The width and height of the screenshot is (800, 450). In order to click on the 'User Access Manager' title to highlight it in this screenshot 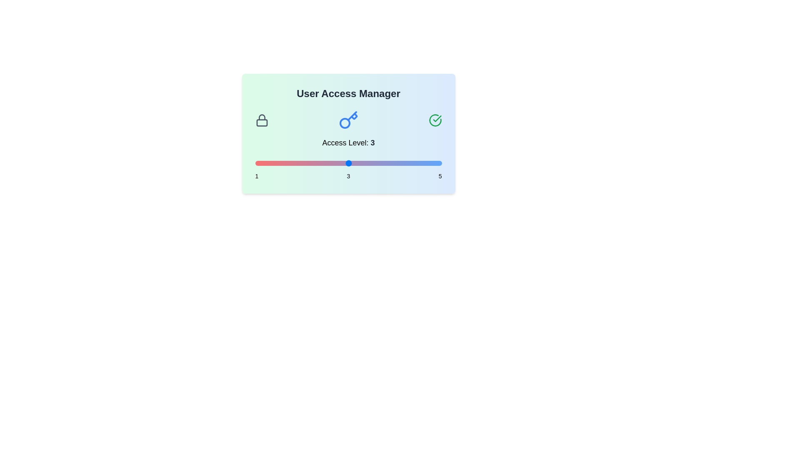, I will do `click(348, 93)`.